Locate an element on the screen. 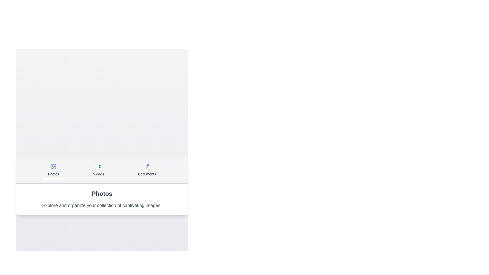 The height and width of the screenshot is (275, 489). the tab labeled Documents is located at coordinates (147, 170).